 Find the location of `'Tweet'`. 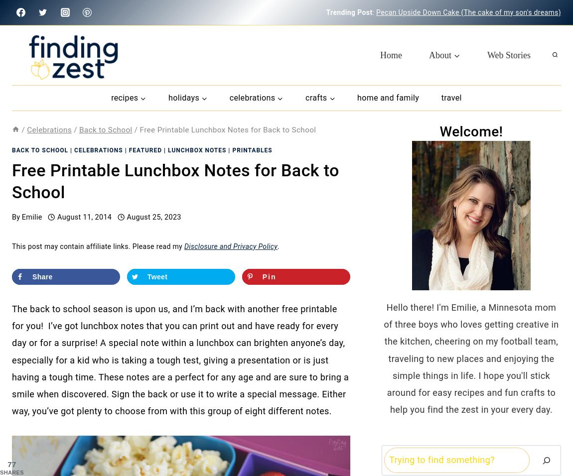

'Tweet' is located at coordinates (157, 276).